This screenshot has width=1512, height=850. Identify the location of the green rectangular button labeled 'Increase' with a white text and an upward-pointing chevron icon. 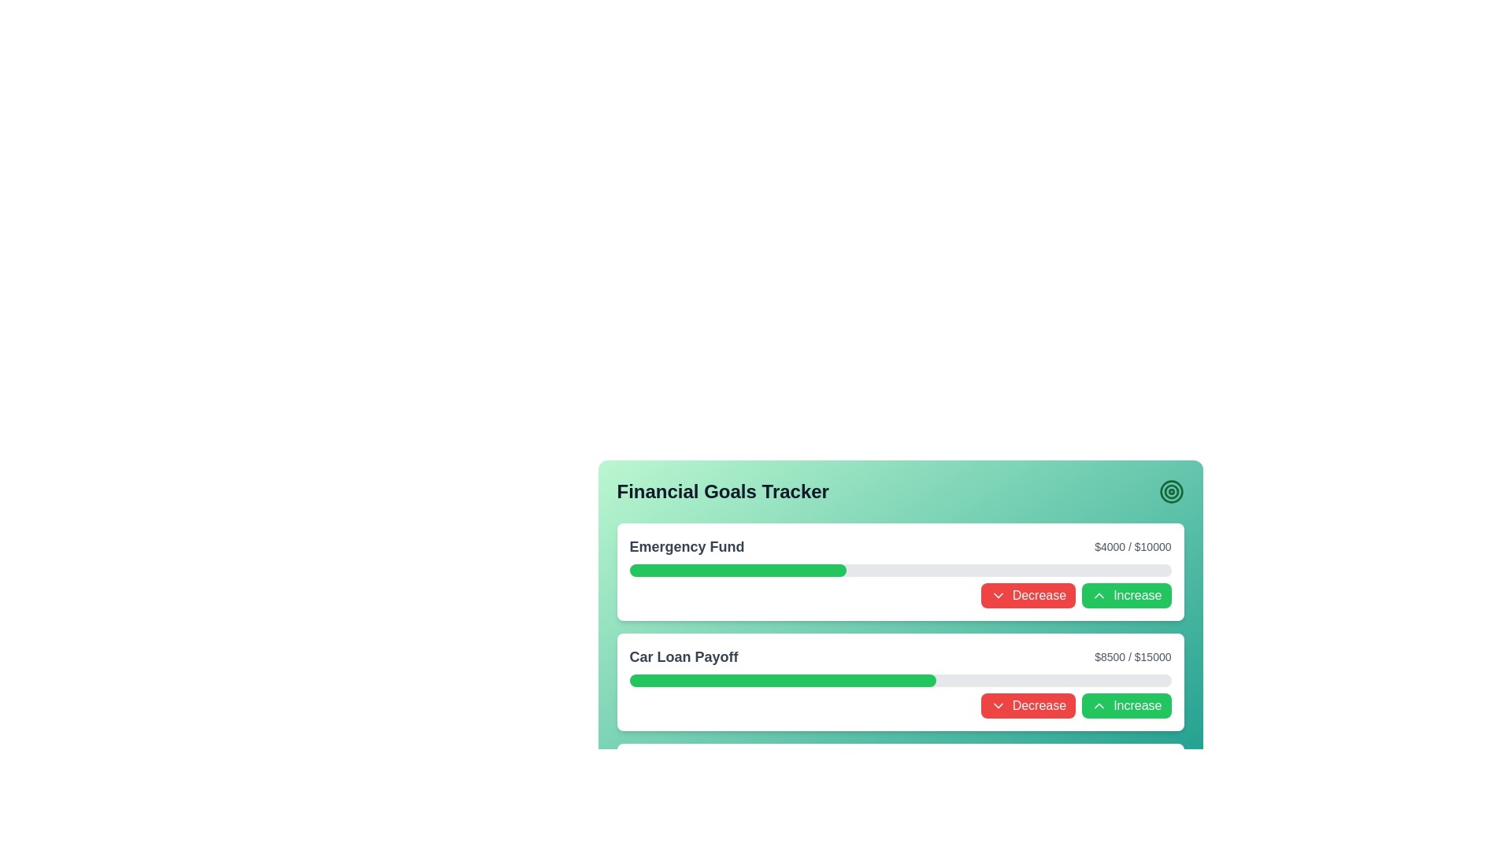
(1125, 705).